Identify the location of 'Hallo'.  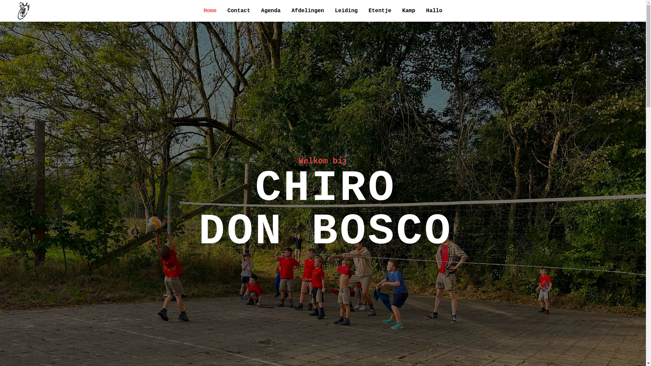
(426, 11).